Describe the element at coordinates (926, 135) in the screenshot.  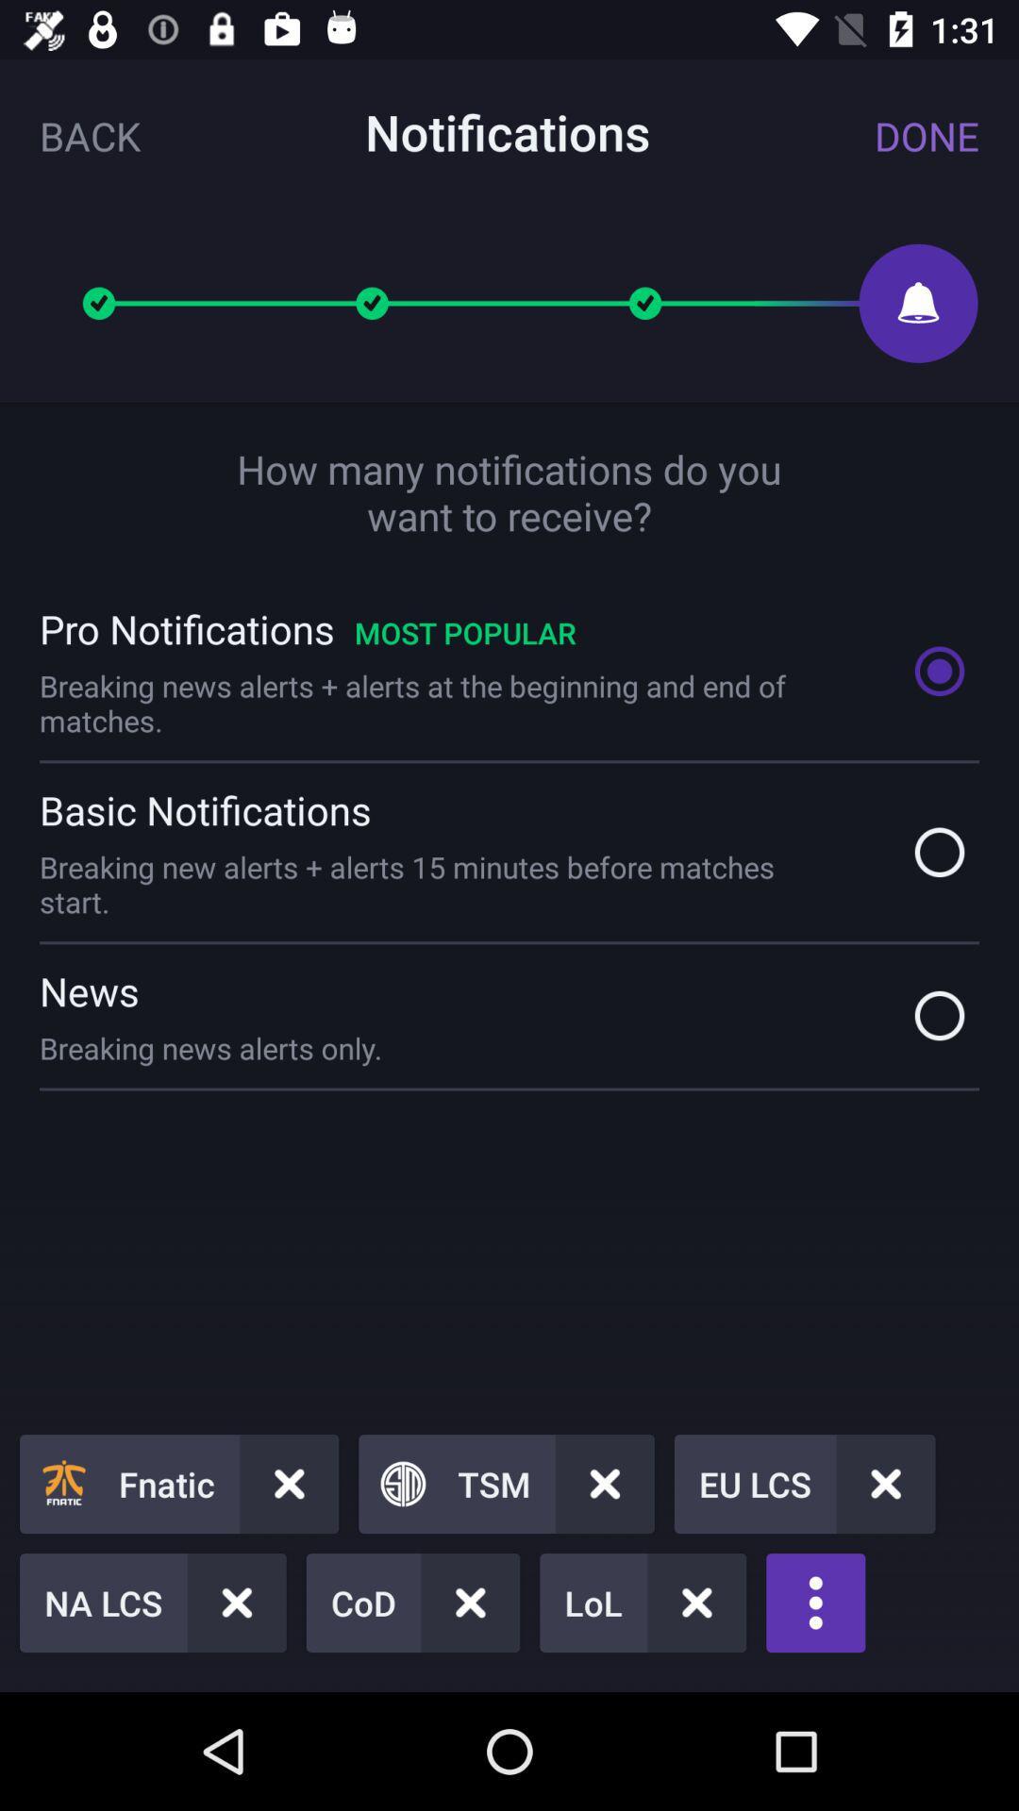
I see `done` at that location.